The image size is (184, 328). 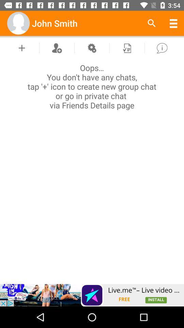 I want to click on the settings icon, so click(x=92, y=47).